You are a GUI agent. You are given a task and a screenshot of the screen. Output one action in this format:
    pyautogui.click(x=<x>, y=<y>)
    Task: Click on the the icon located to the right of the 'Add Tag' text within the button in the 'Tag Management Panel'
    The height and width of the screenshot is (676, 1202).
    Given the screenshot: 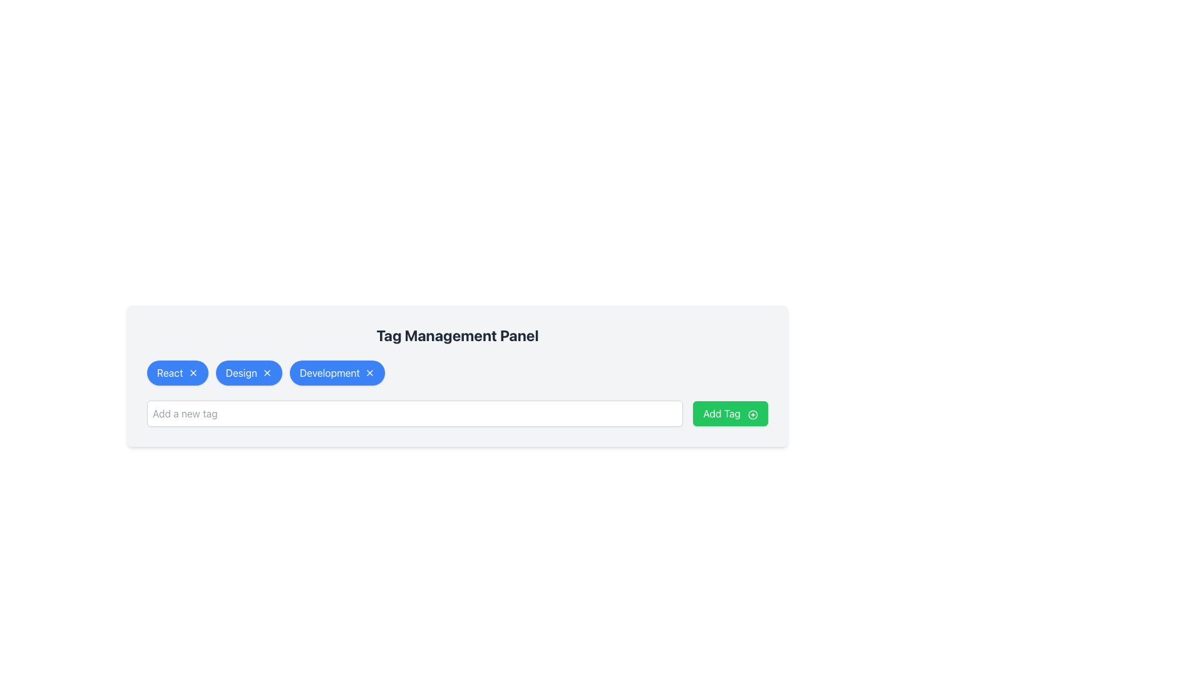 What is the action you would take?
    pyautogui.click(x=753, y=414)
    